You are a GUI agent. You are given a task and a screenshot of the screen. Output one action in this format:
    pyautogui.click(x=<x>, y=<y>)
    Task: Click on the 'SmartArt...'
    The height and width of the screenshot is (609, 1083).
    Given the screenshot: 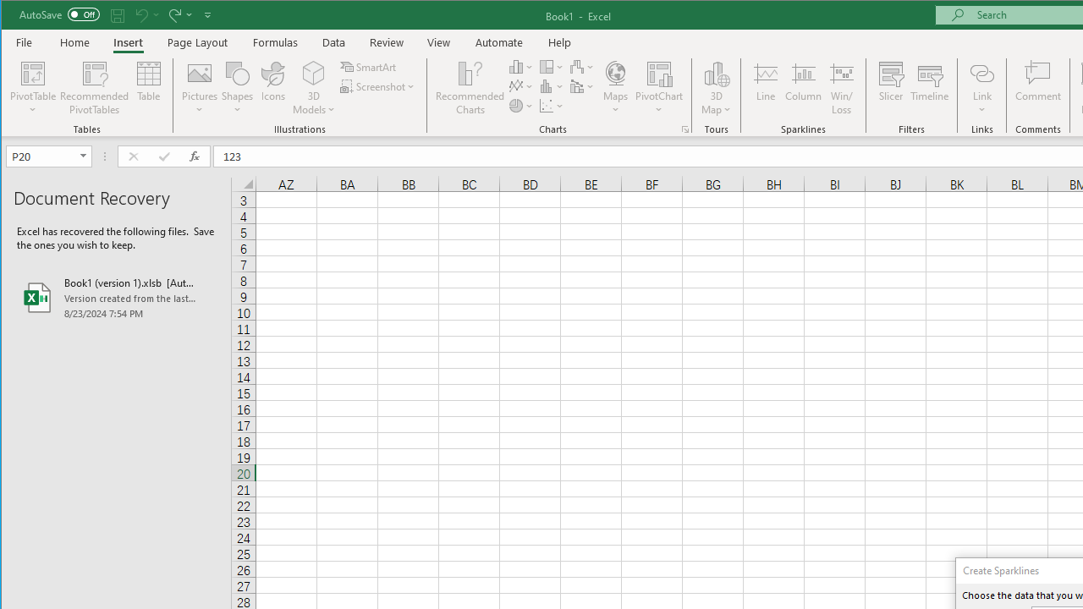 What is the action you would take?
    pyautogui.click(x=369, y=66)
    